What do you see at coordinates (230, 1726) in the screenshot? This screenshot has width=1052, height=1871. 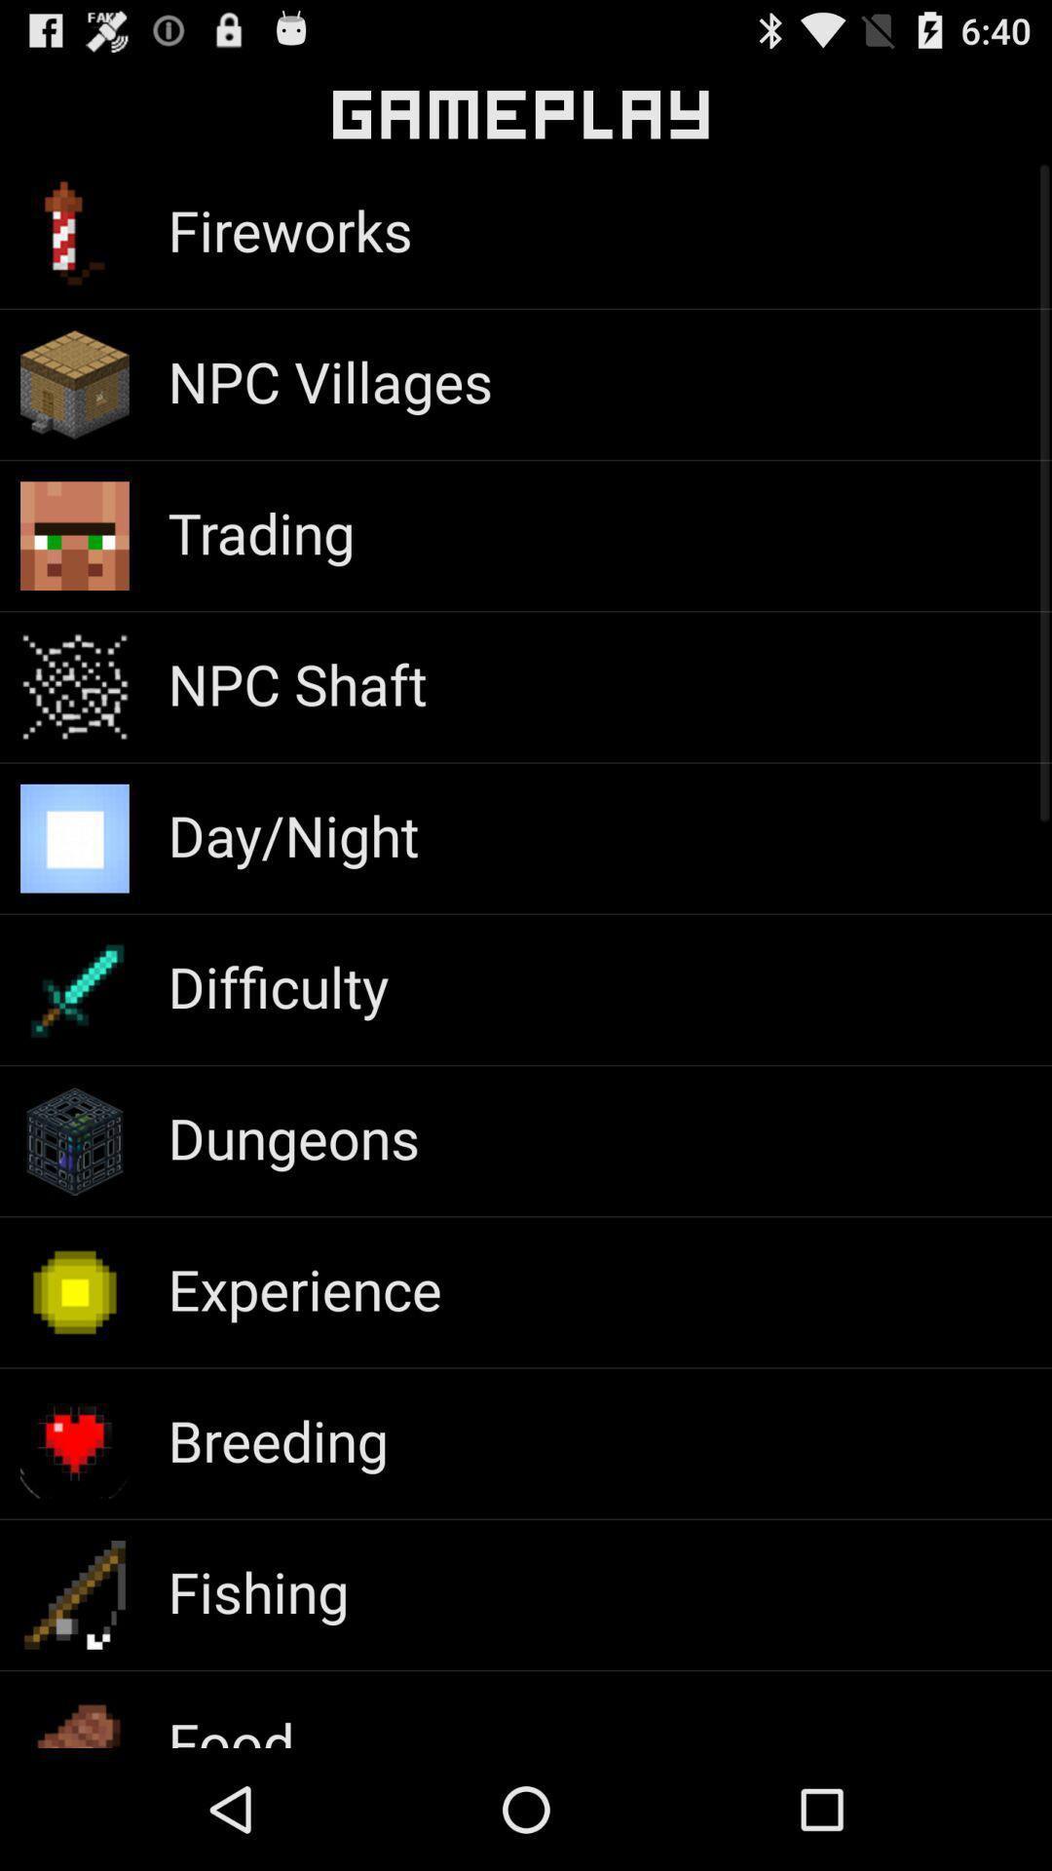 I see `food item` at bounding box center [230, 1726].